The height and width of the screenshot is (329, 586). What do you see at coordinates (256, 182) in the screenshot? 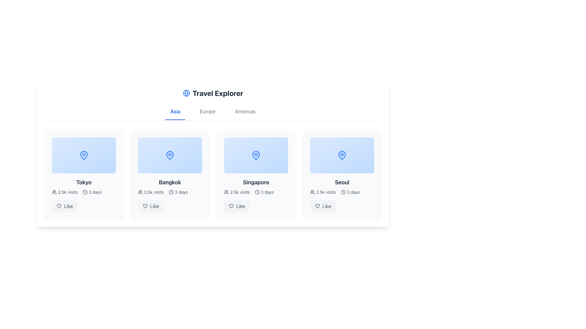
I see `the Text Label displaying 'Singapore', which is the third item in the grid of destination cards under the 'Asia' category` at bounding box center [256, 182].